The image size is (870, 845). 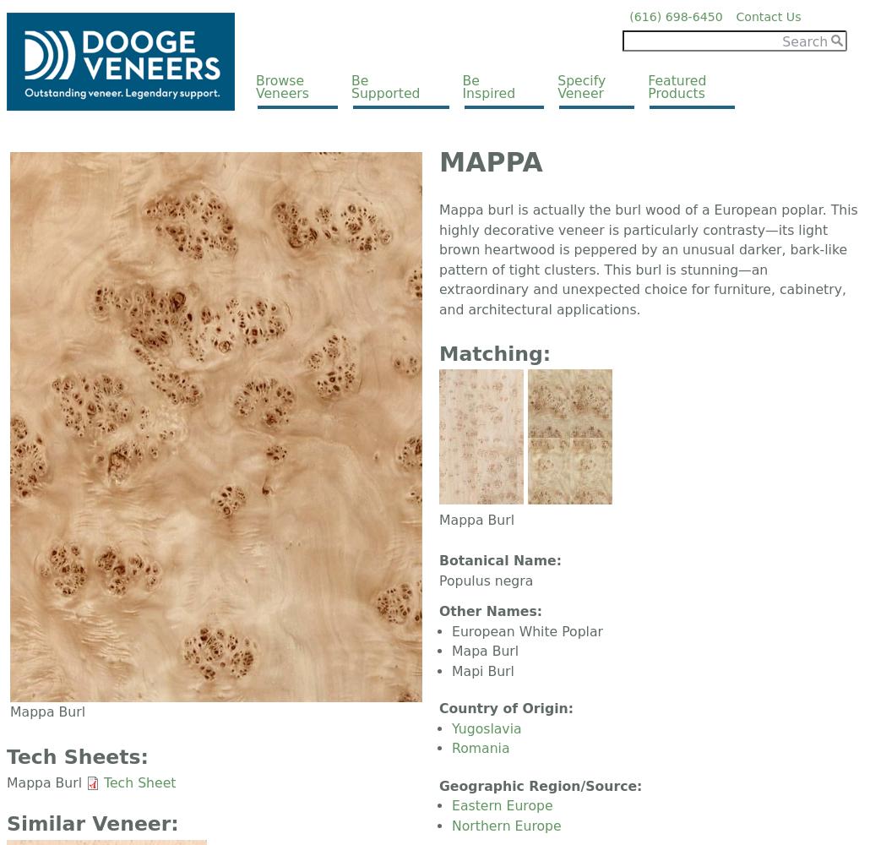 What do you see at coordinates (439, 259) in the screenshot?
I see `'Mappa burl is actually the burl wood of a European poplar. This highly decorative veneer is particularly contrasty—its light brown heartwood is peppered by an unusual darker, bark-like pattern of tight clusters. This burl is stunning—an extraordinary and unexpected choice for furniture, cabinetry, and architectural applications.'` at bounding box center [439, 259].